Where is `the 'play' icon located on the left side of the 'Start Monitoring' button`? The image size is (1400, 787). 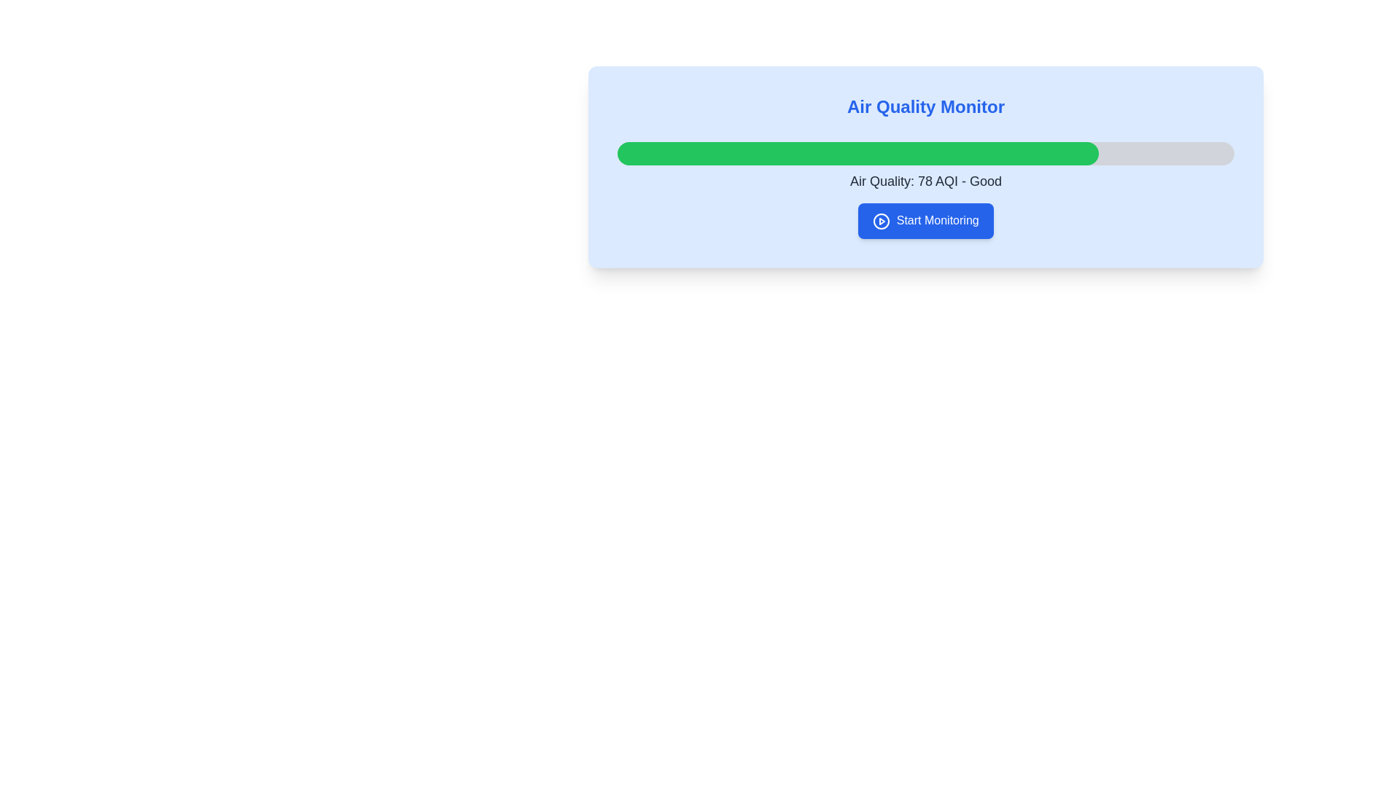 the 'play' icon located on the left side of the 'Start Monitoring' button is located at coordinates (881, 221).